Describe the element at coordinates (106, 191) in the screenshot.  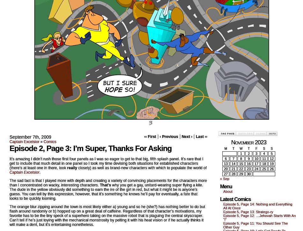
I see `'why you get a gay, unitard-wearing super flying a kite. The dude in the yellow obviously did something to earn the ire of the girl in red, but what it might be is anyone’s guess. You can tell by this expression, however, that it’s something he knows he’ll pay for eventually, a fate that looks to be quickly looming.'` at that location.